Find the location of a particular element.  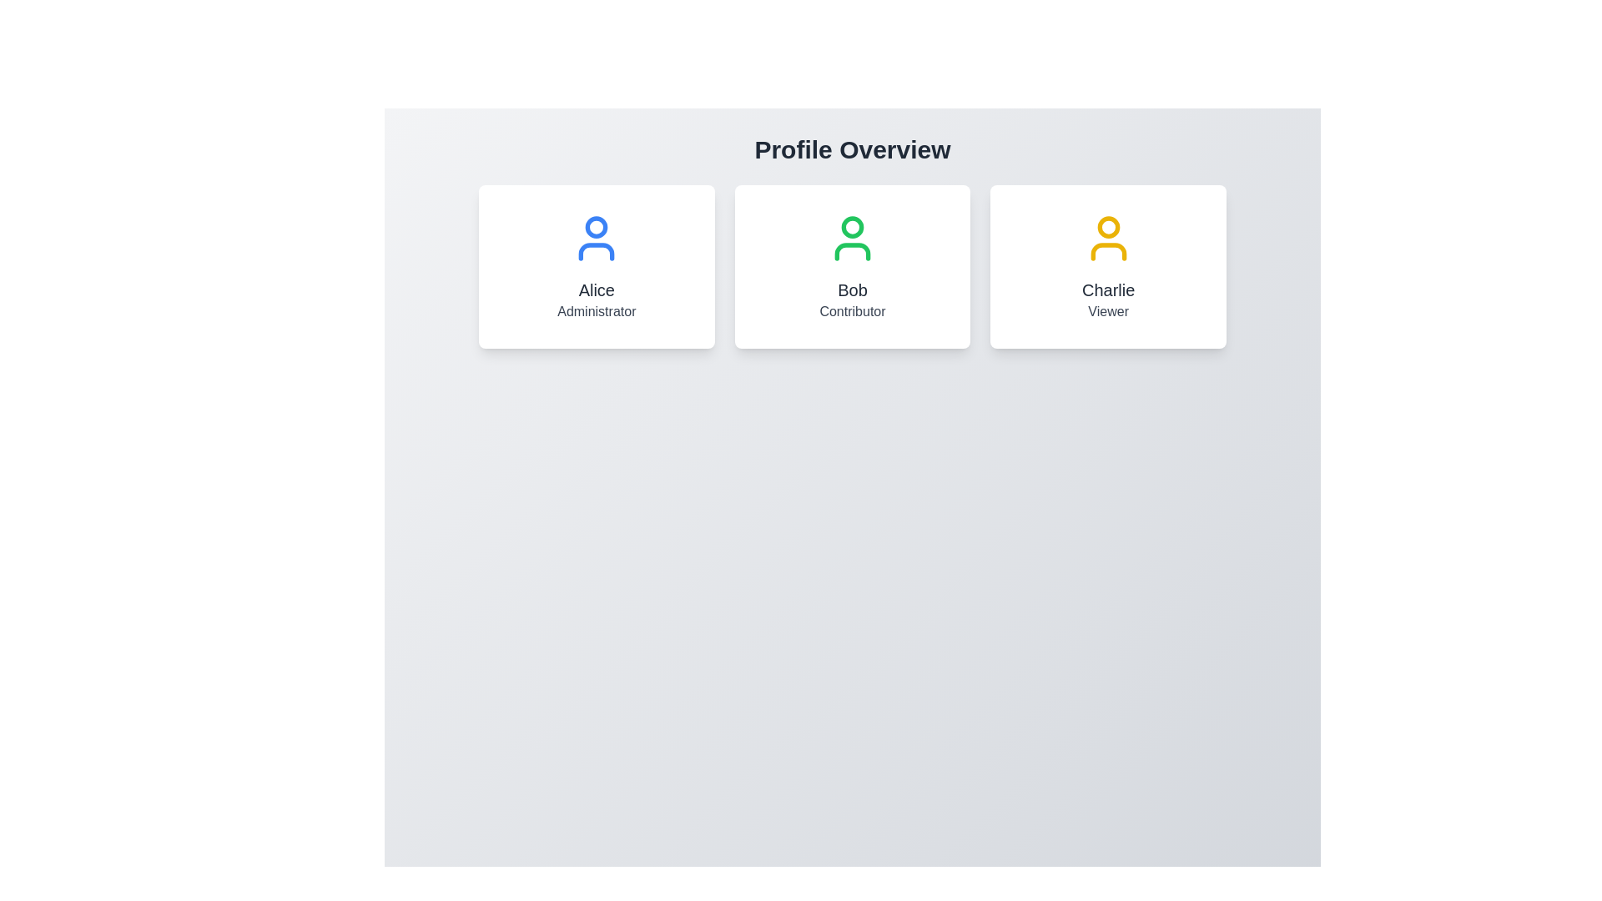

the user profile card for 'Charlie', which indicates their role as a 'Viewer' in the system is located at coordinates (1108, 266).